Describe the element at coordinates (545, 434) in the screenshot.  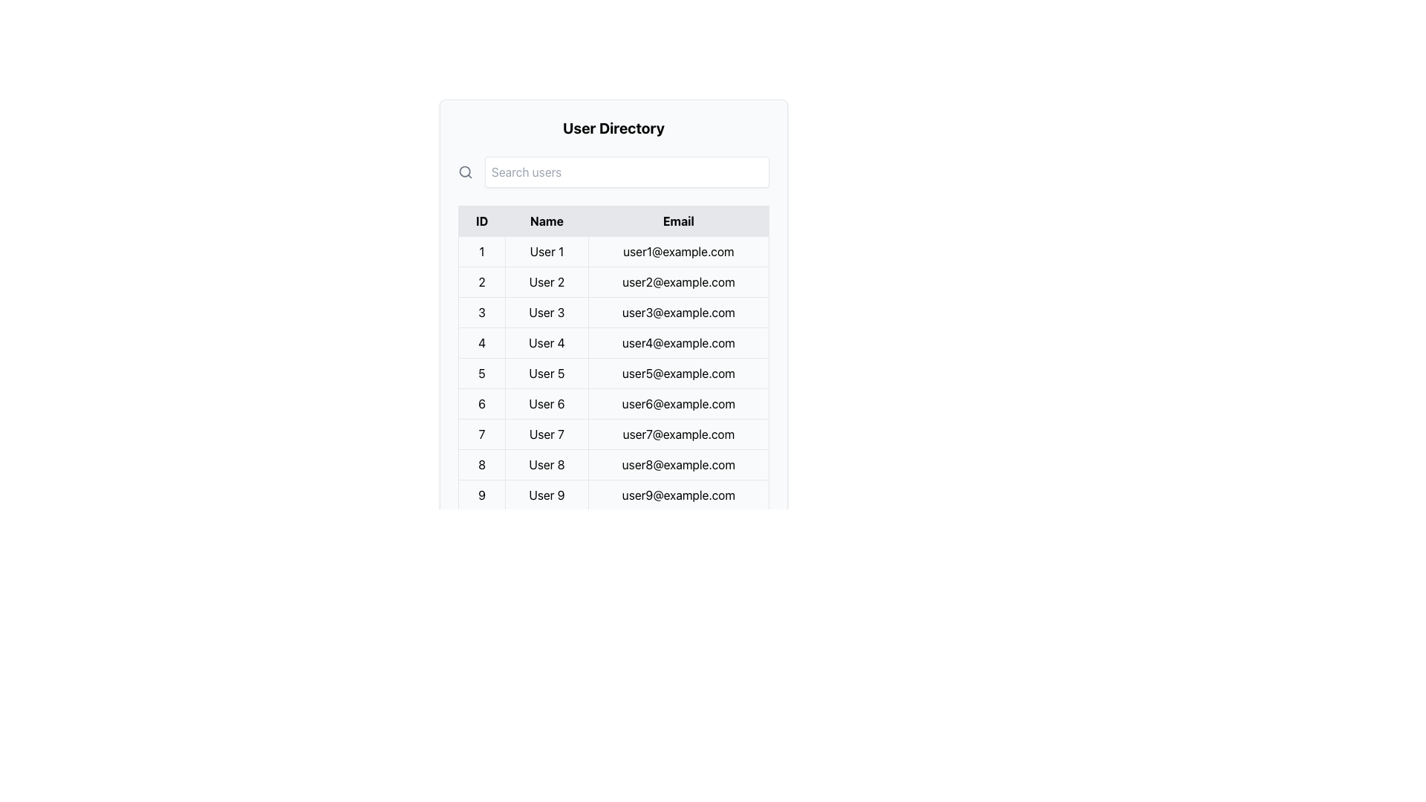
I see `the text label 'User 7' in black font contained within the light grey background table cell in the Name column of the seventh row` at that location.